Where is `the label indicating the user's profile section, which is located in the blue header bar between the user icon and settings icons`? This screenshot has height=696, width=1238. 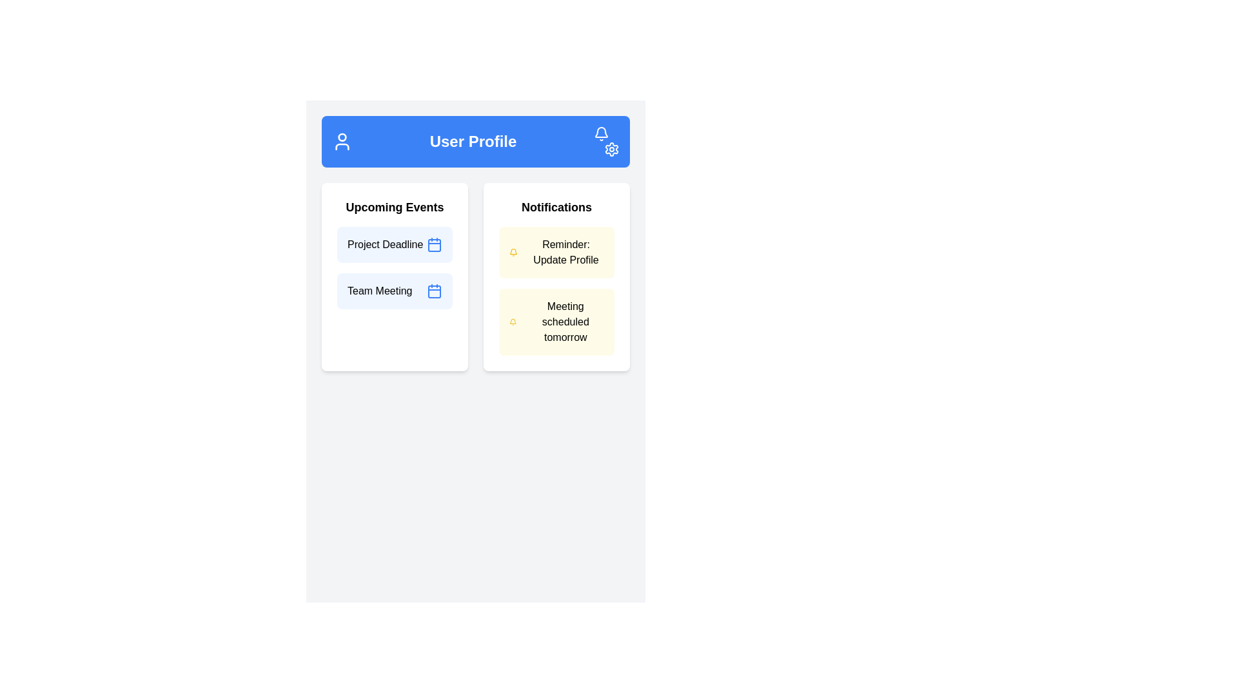
the label indicating the user's profile section, which is located in the blue header bar between the user icon and settings icons is located at coordinates (473, 141).